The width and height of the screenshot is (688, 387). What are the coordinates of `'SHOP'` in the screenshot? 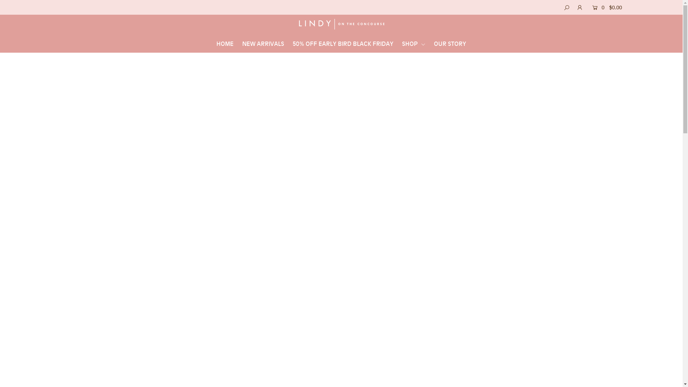 It's located at (414, 44).